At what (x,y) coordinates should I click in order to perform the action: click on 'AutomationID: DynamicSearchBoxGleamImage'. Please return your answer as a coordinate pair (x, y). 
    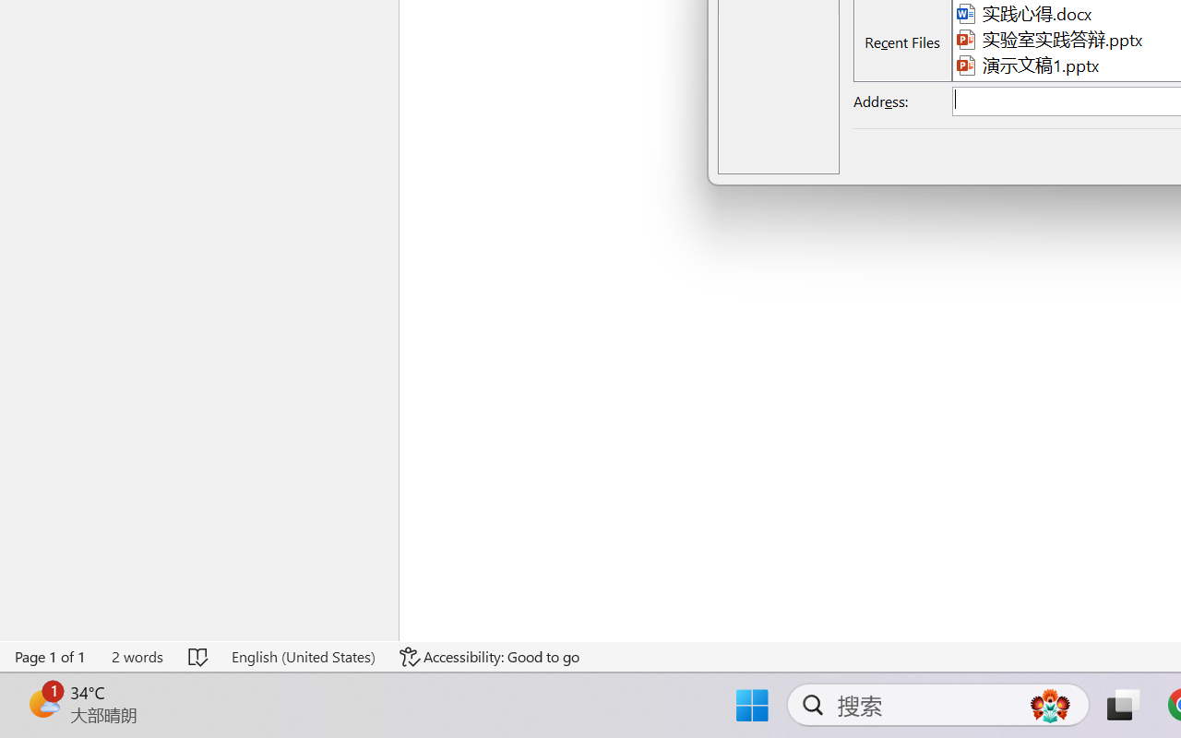
    Looking at the image, I should click on (1050, 705).